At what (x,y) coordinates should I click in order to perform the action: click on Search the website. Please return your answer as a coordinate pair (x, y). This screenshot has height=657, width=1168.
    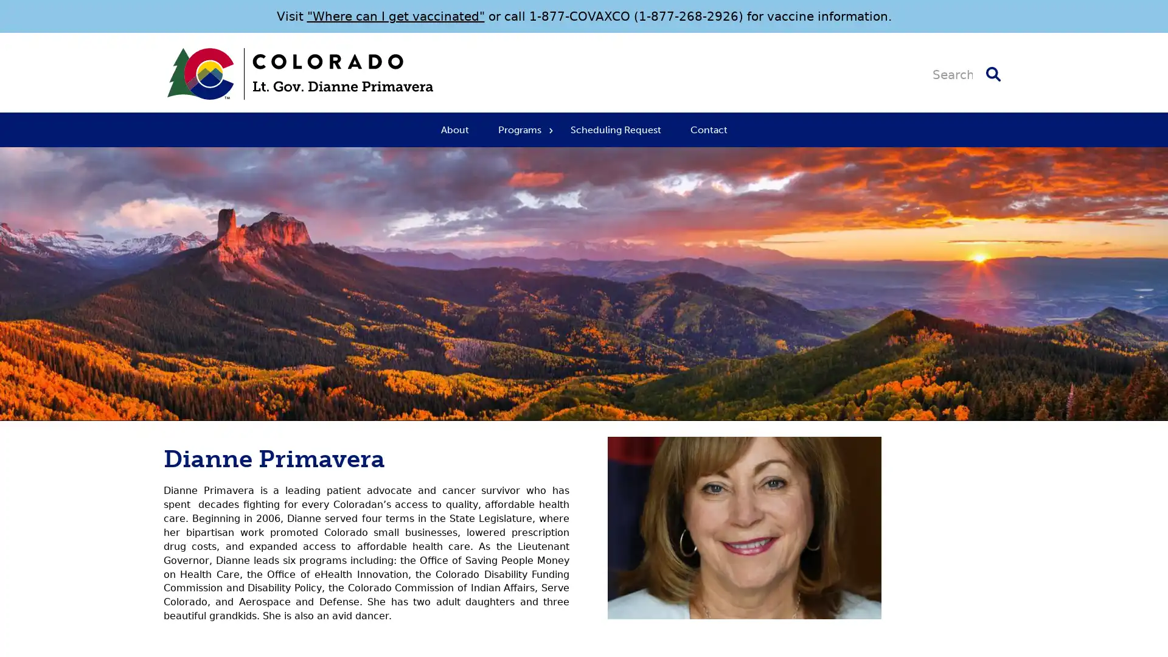
    Looking at the image, I should click on (993, 73).